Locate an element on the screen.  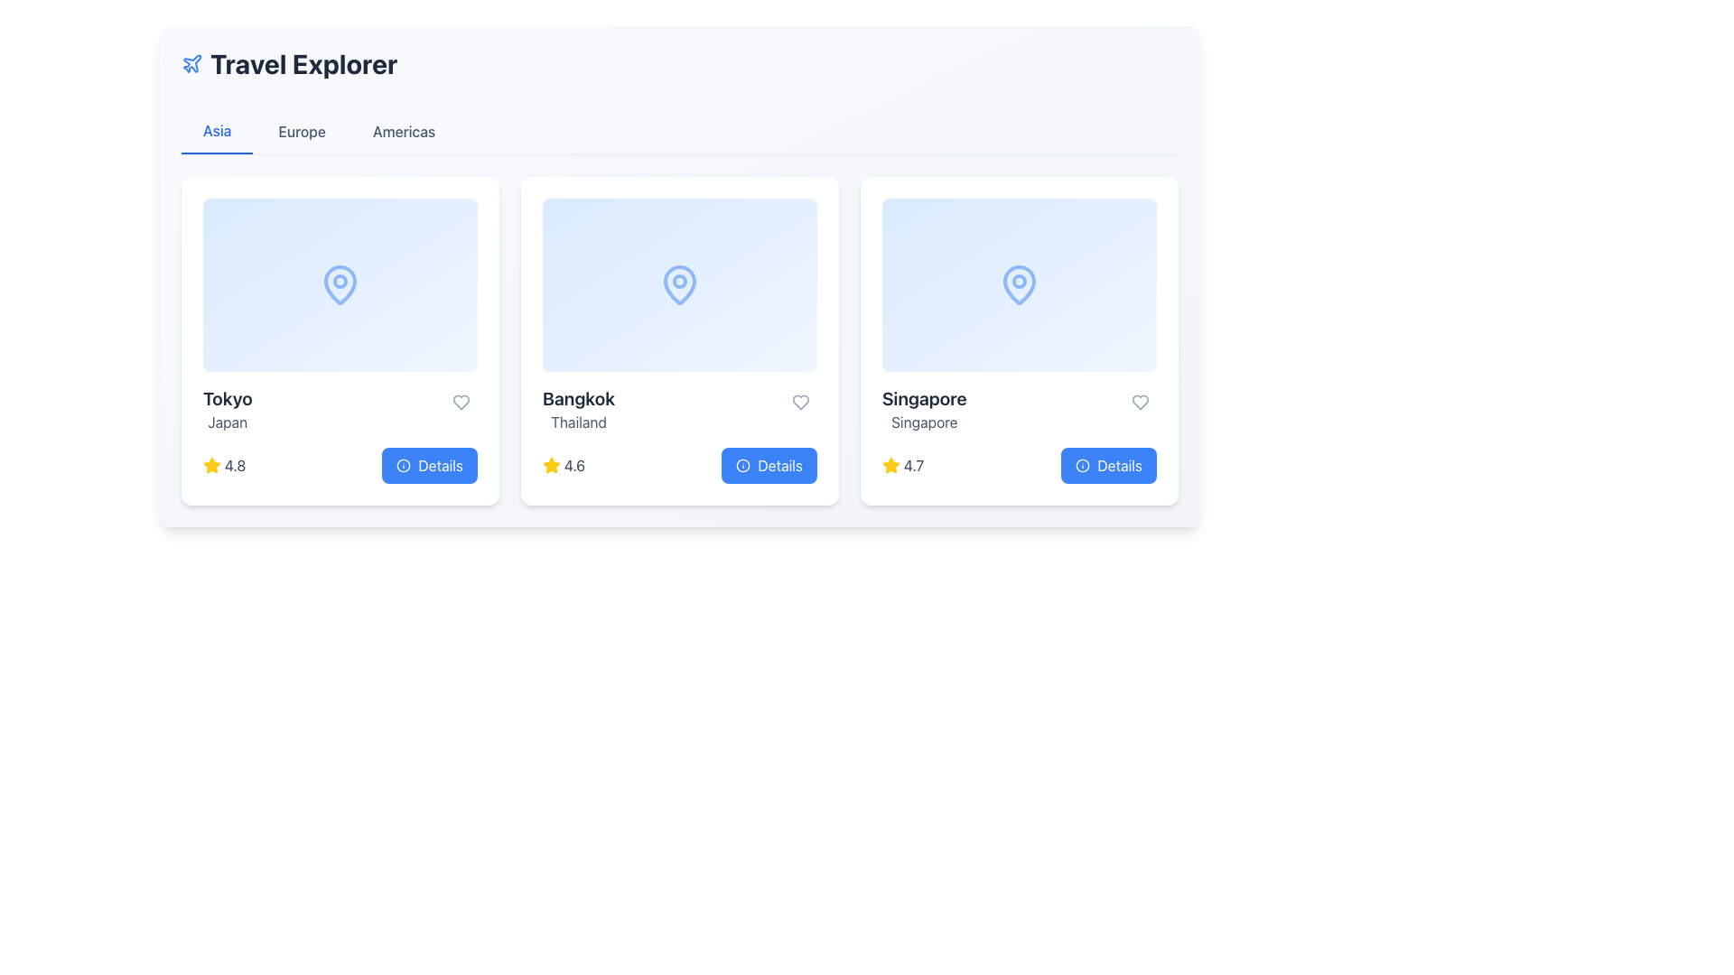
the pin icon that visually indicates the location of 'Tokyo' in the 'Travel Explorer' interface, located at the center of the card representing 'Tokyo, Japan.' is located at coordinates (340, 284).